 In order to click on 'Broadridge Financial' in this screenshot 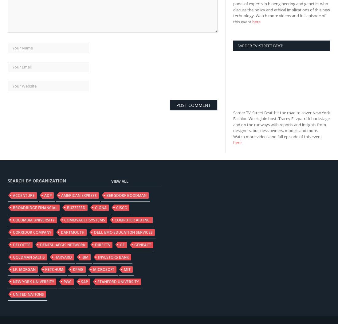, I will do `click(13, 207)`.